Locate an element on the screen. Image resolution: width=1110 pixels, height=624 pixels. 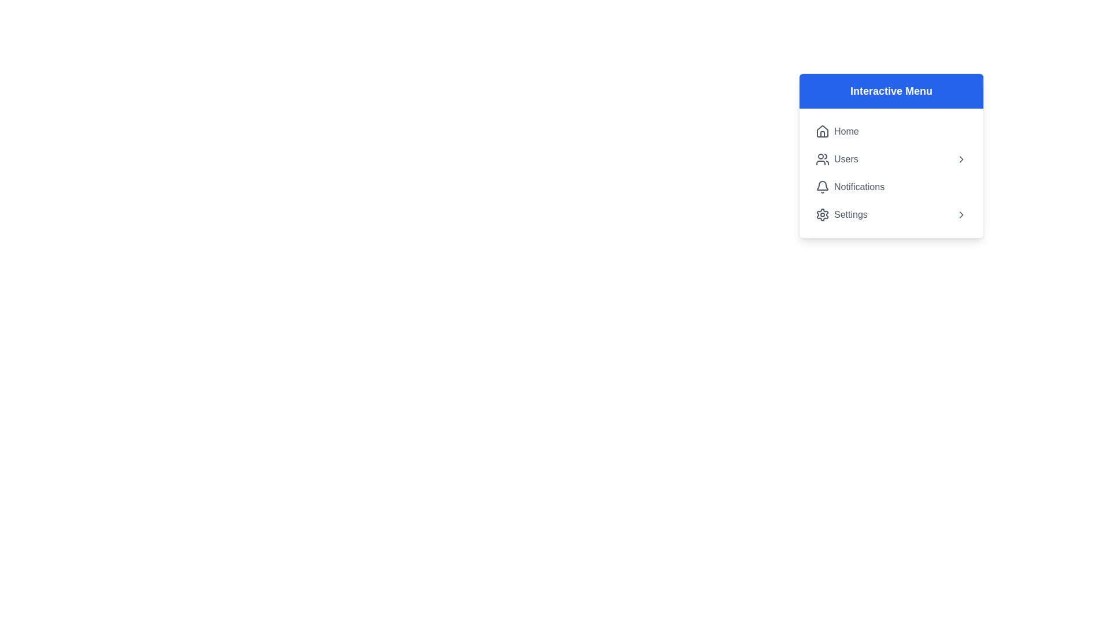
the small right-facing chevron icon located at the far right side of the 'Settings' menu item is located at coordinates (961, 214).